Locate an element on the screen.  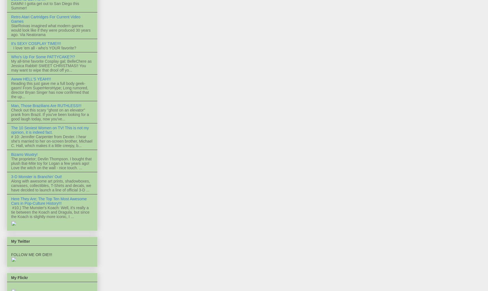
'It's SEXY COSPLAY TIME!!!!' is located at coordinates (36, 44).